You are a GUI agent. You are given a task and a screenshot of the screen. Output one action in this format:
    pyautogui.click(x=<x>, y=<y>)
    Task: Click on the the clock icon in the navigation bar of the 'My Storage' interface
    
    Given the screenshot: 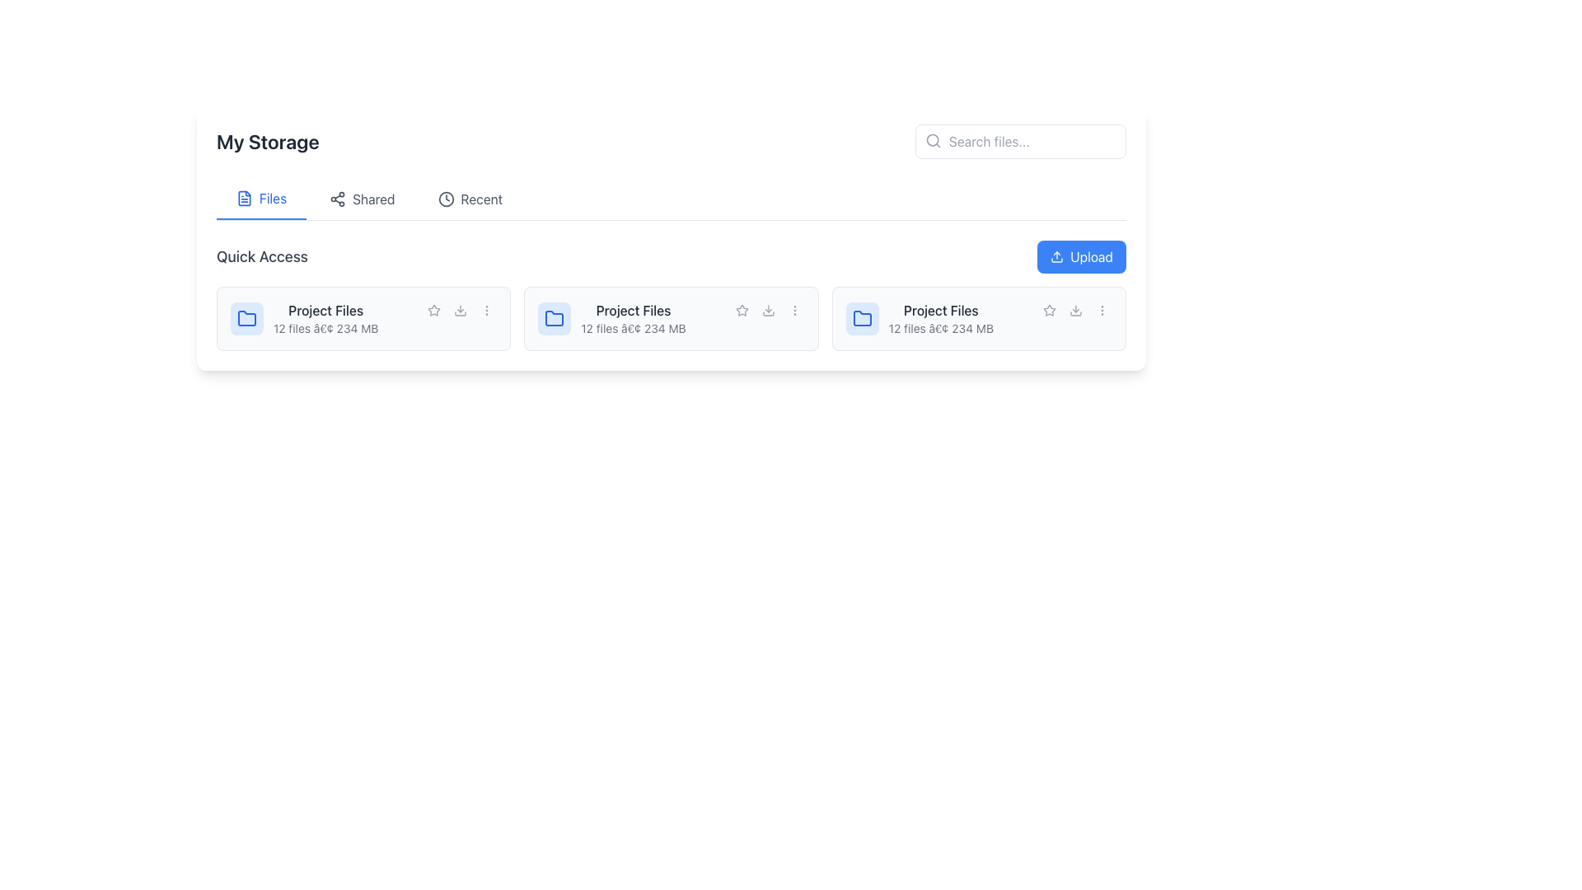 What is the action you would take?
    pyautogui.click(x=446, y=199)
    